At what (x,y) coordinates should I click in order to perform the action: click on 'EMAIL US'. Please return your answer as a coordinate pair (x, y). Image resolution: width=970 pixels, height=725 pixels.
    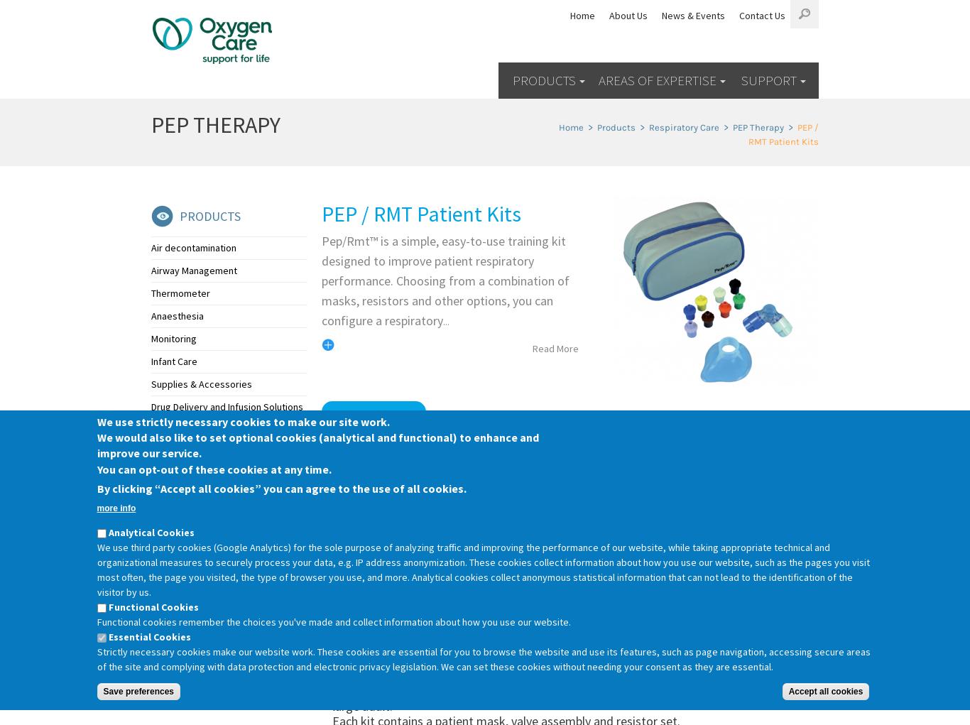
    Looking at the image, I should click on (371, 450).